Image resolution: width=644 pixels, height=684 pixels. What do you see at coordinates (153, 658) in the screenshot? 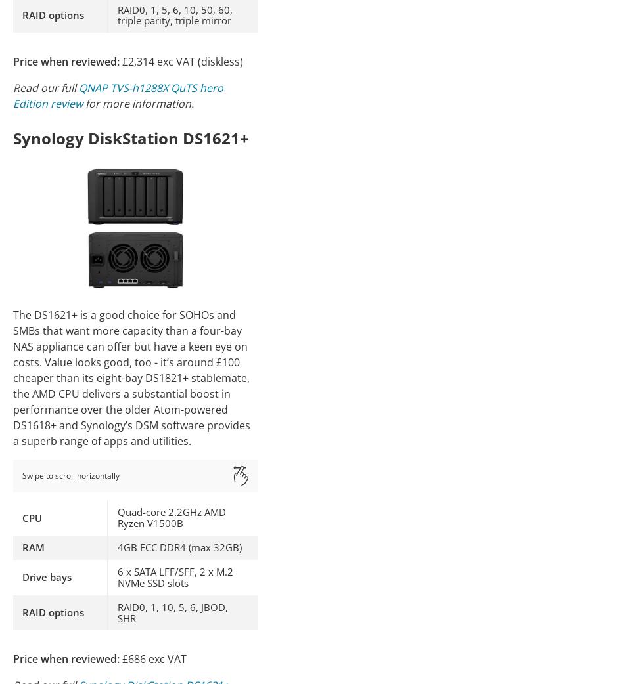
I see `'£686 exc VAT'` at bounding box center [153, 658].